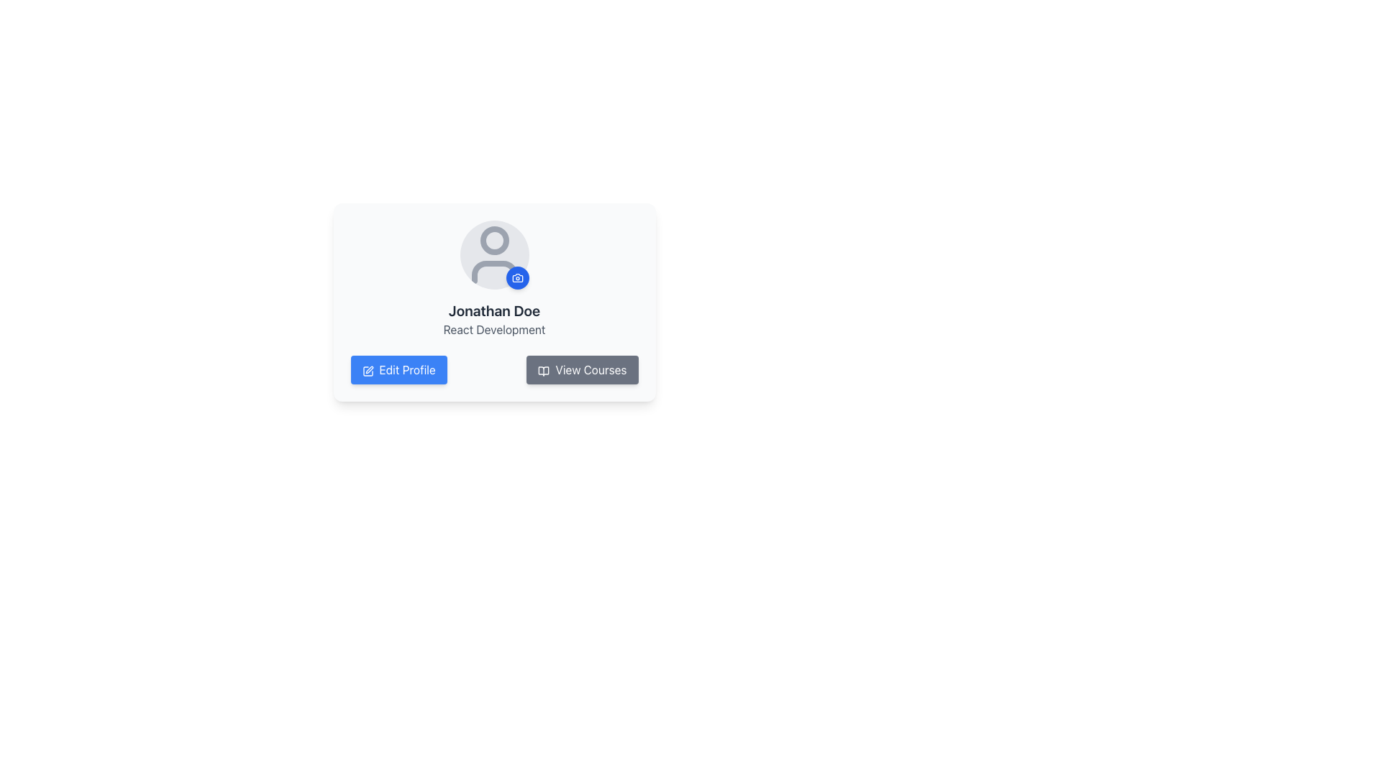  I want to click on the appearance of the SVG graphic icon representing a pen drawing on a square, which is styled in gray and is part of a composite group, located in the top-left area of the profile card, so click(369, 369).